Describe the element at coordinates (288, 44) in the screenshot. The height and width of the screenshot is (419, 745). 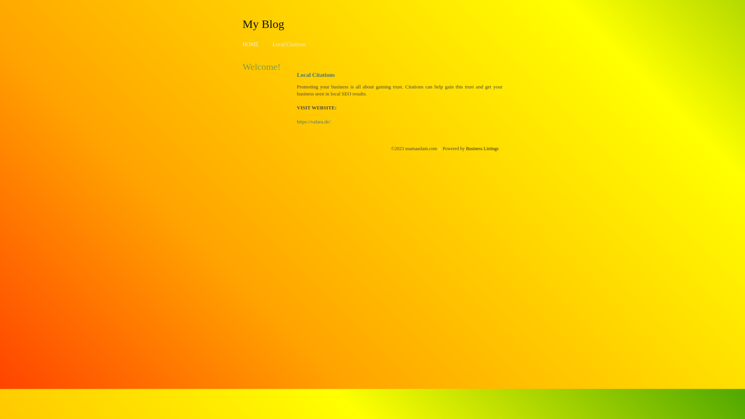
I see `'Local Citations'` at that location.